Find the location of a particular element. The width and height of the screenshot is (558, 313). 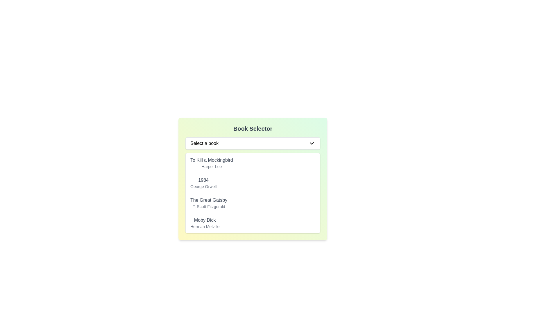

the text label representing the title of the book 'To Kill a Mockingbird' in the dropdown list labeled 'Book Selector' is located at coordinates (211, 160).